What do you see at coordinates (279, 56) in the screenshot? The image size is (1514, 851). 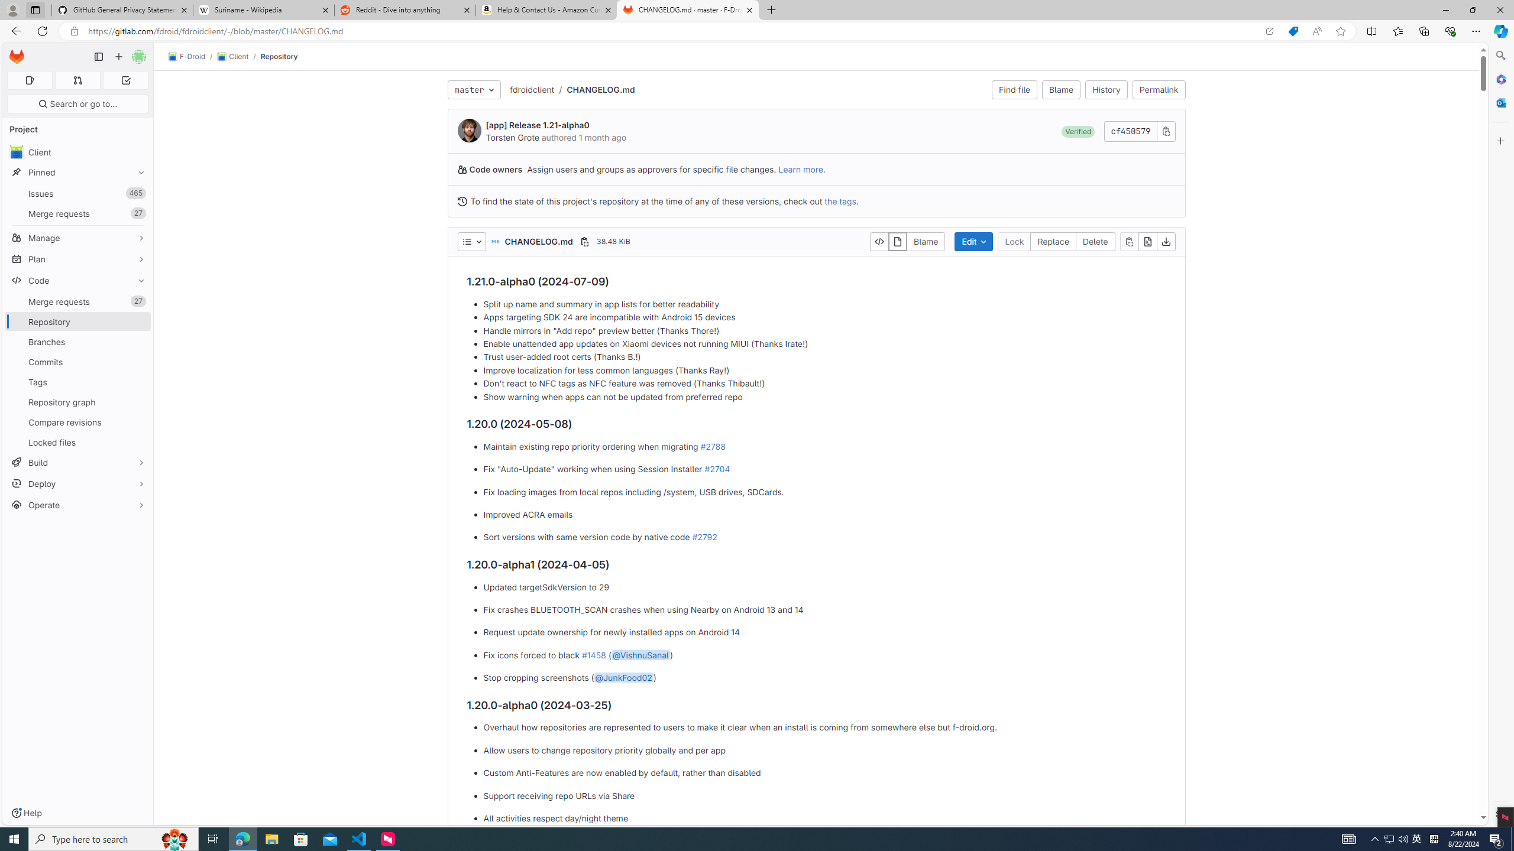 I see `'Repository'` at bounding box center [279, 56].